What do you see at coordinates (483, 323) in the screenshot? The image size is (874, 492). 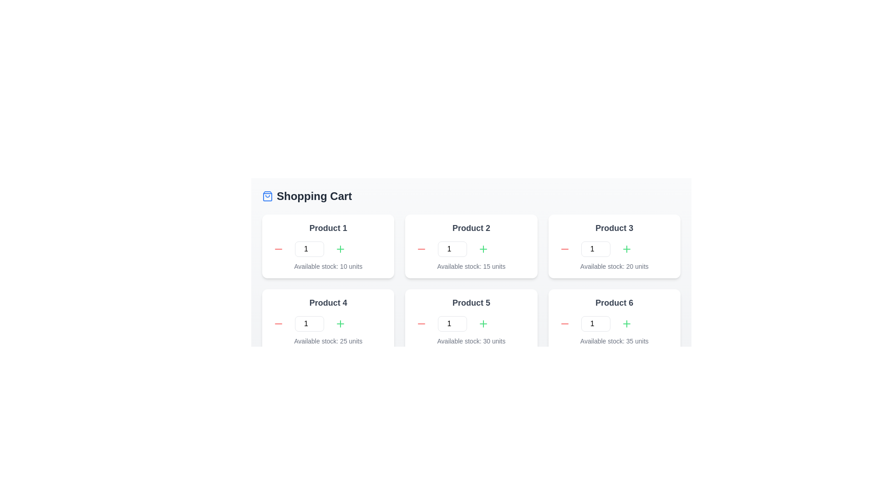 I see `the increment button for 'Product 5' in the shopping cart` at bounding box center [483, 323].